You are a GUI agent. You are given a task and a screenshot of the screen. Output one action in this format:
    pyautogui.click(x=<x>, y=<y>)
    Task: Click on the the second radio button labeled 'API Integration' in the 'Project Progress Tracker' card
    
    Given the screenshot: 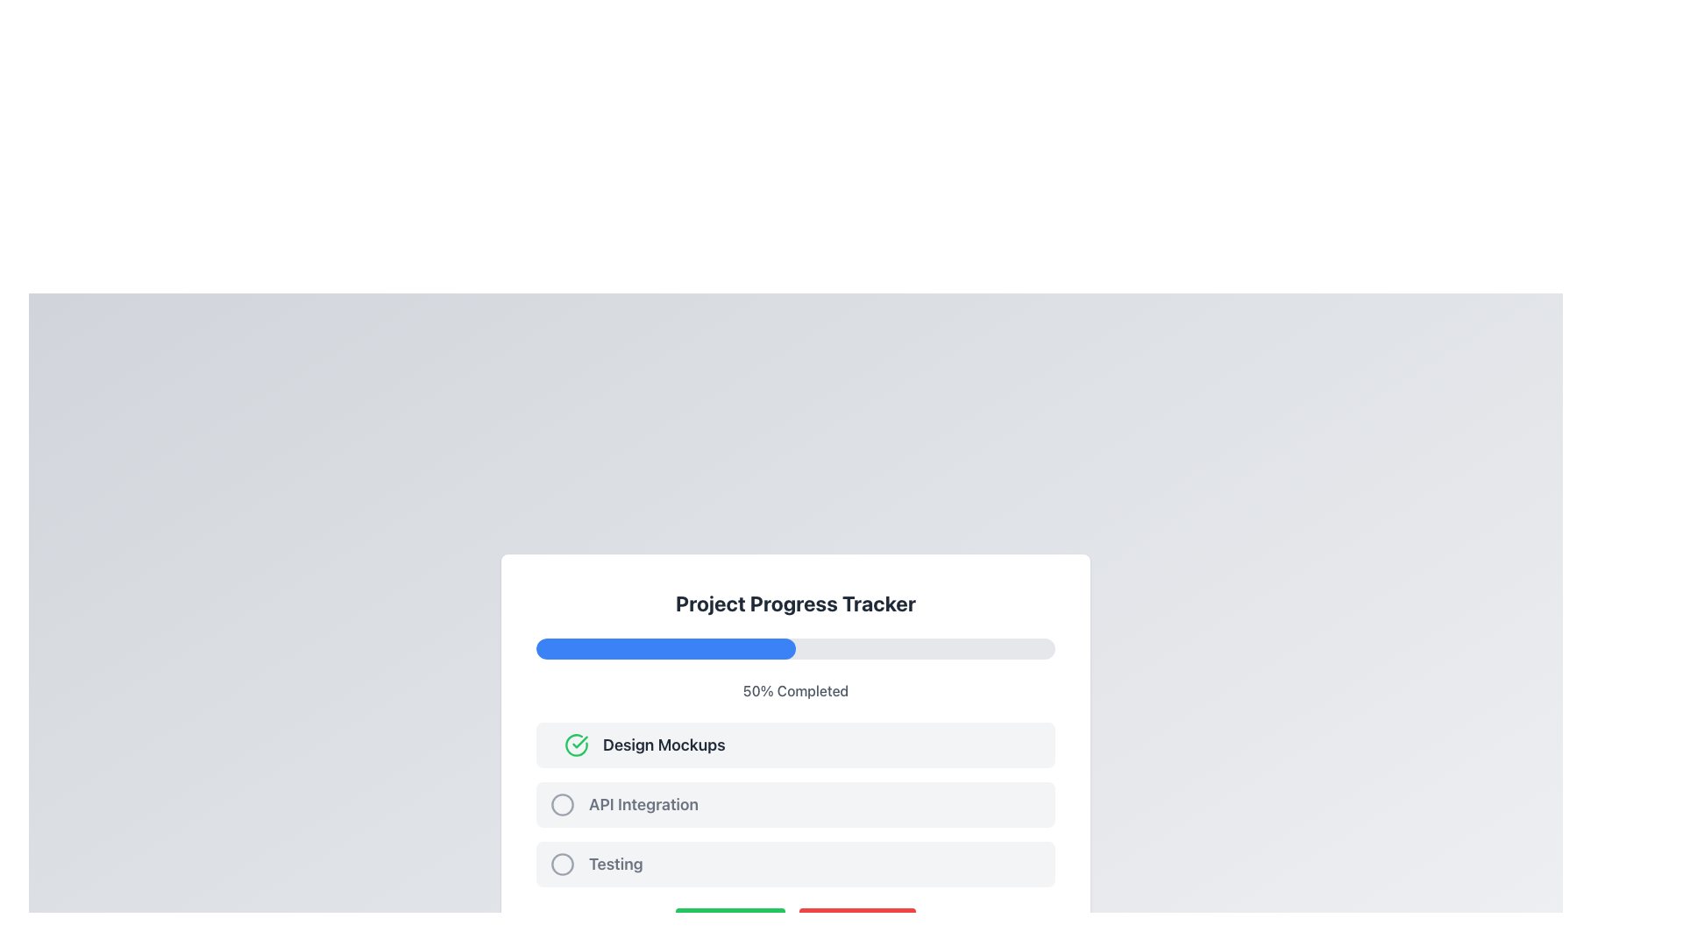 What is the action you would take?
    pyautogui.click(x=794, y=804)
    